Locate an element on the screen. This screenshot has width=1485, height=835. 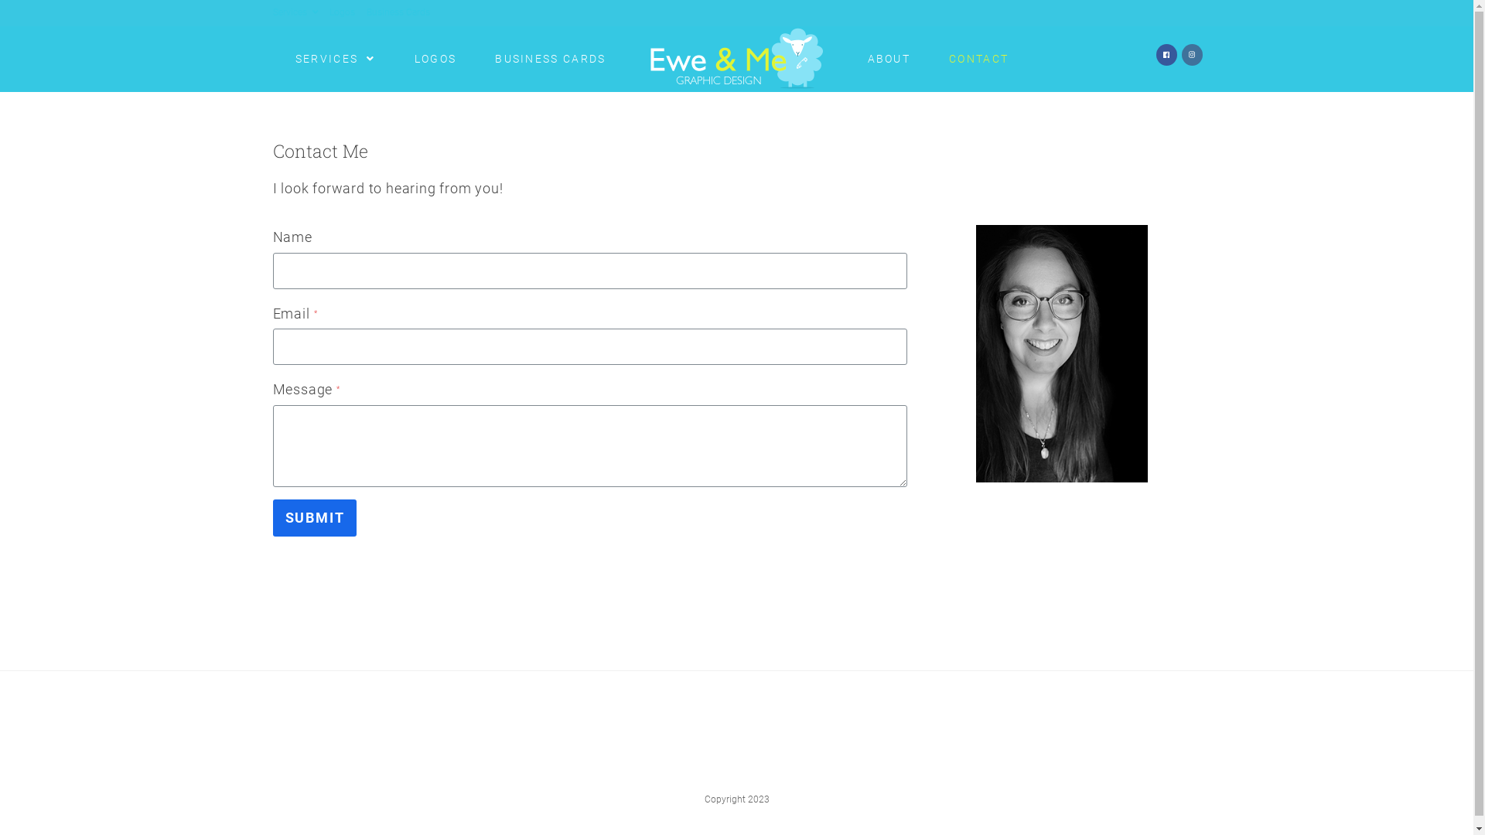
'CONTACT' is located at coordinates (978, 58).